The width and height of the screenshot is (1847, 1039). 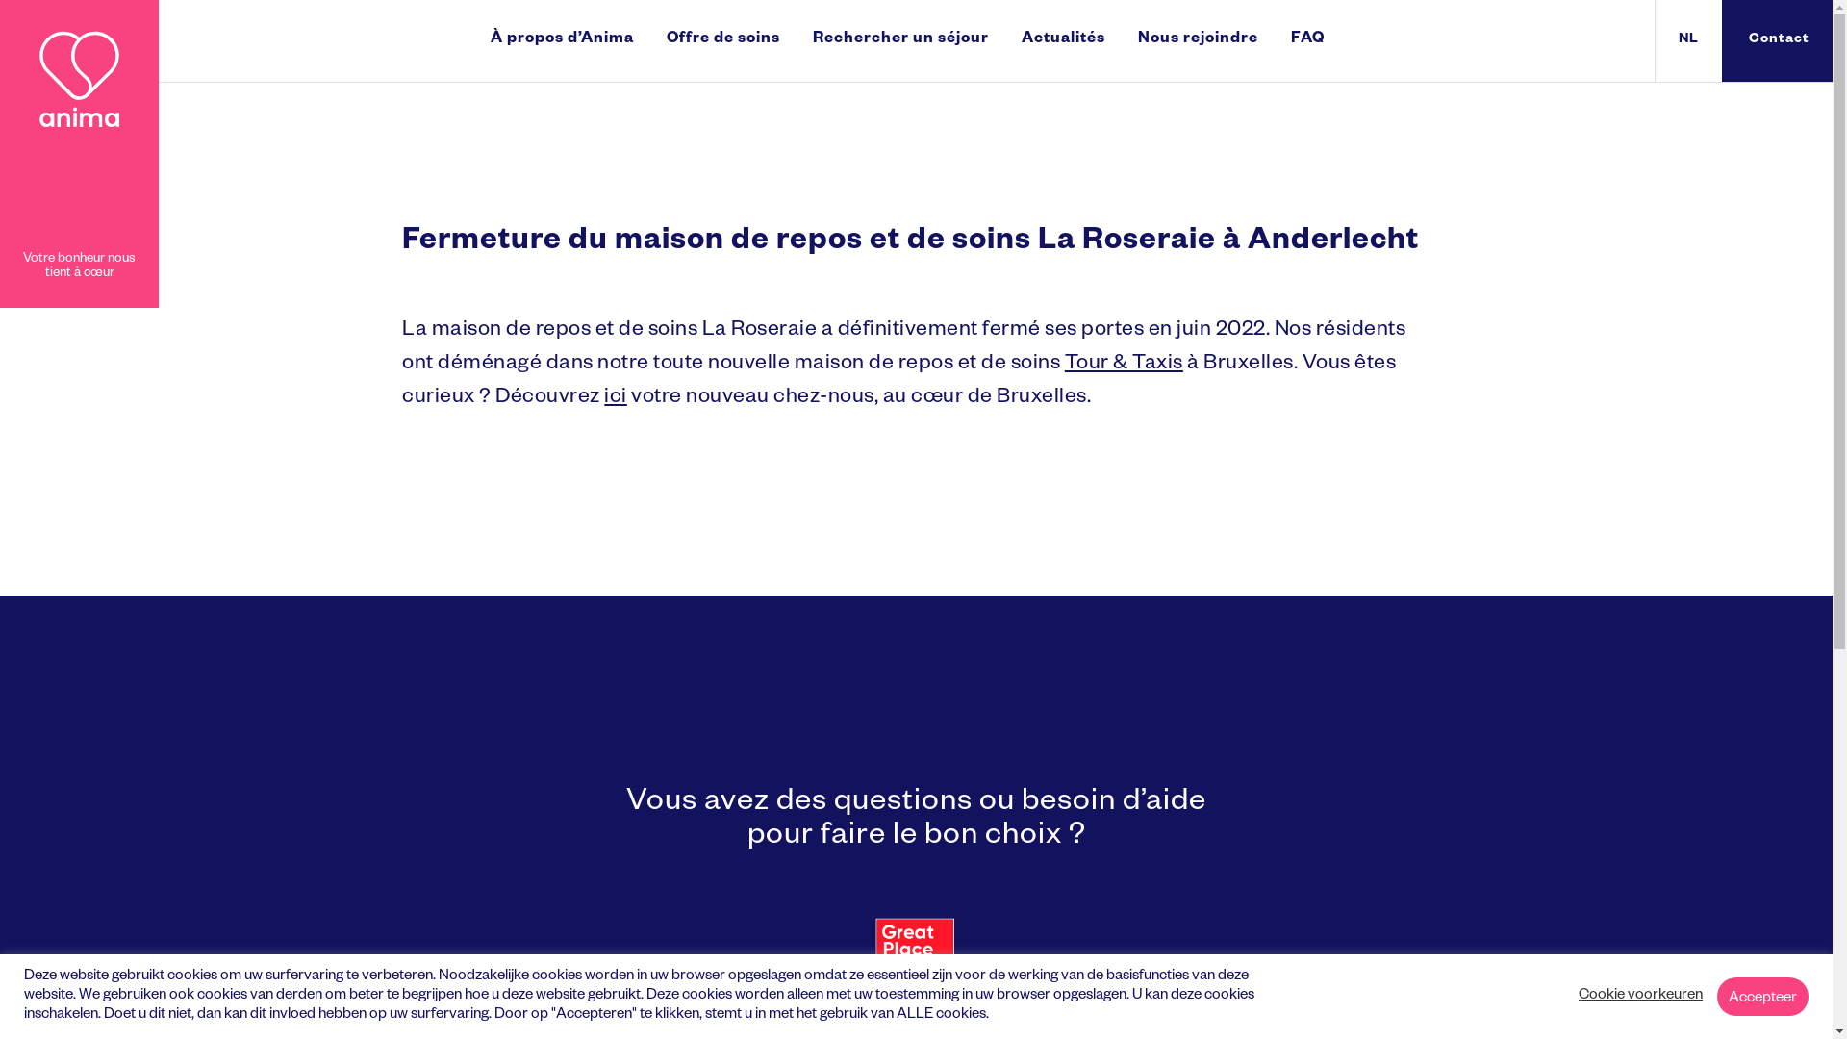 I want to click on 'Offre de soins', so click(x=722, y=40).